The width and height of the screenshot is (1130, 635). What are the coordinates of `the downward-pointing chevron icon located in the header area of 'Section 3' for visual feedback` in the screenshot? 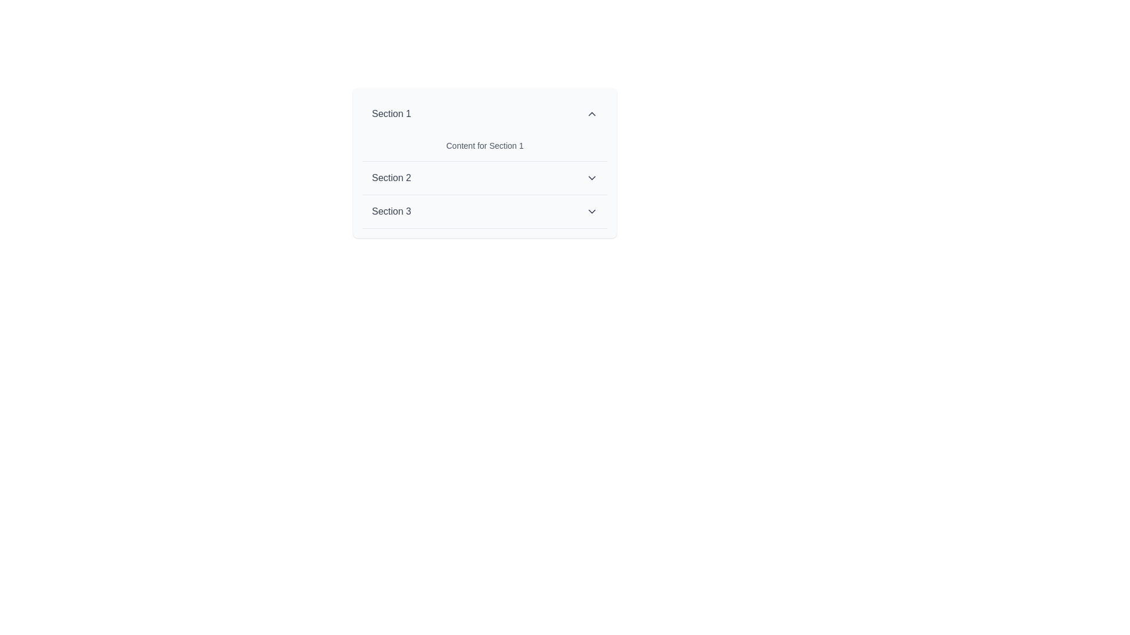 It's located at (592, 210).